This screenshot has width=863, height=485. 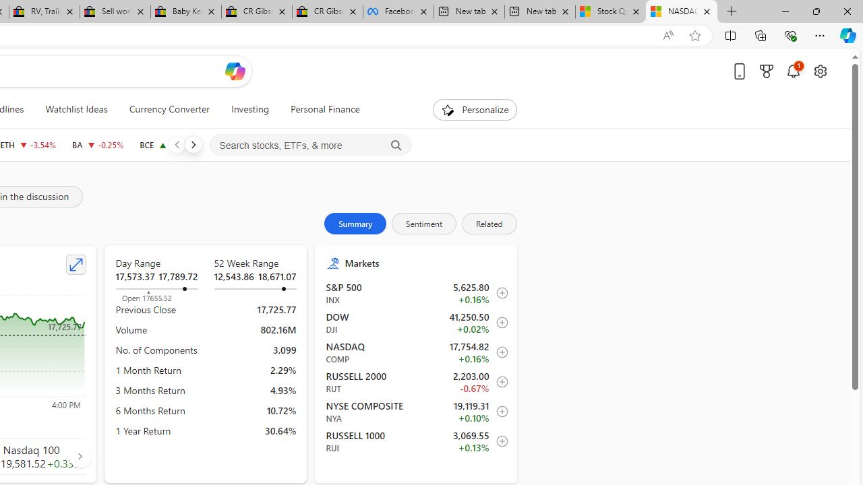 I want to click on 'Class: notInWatclistIcon-DS-EntryPoint1-5 lightTheme', so click(x=498, y=441).